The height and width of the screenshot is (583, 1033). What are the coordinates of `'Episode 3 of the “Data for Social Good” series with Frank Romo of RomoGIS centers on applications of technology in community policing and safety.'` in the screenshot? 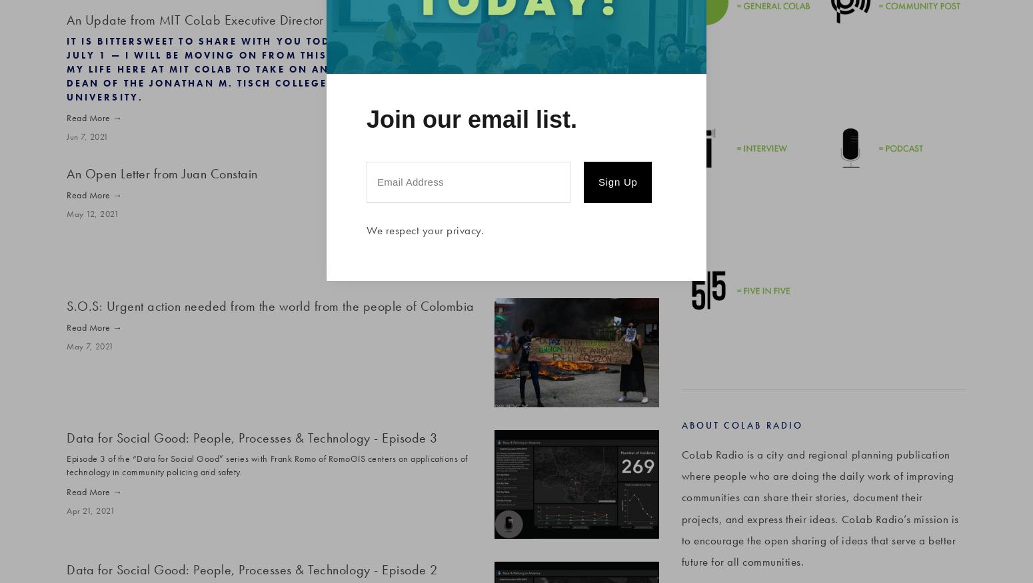 It's located at (267, 464).